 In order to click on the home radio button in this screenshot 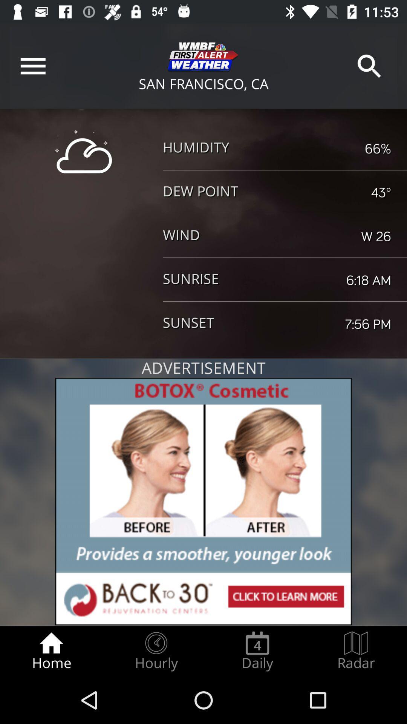, I will do `click(51, 651)`.